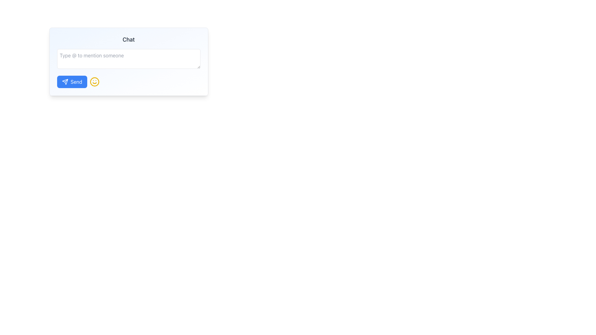 The height and width of the screenshot is (335, 596). I want to click on the Text Input Field at the top section of the chat interface by pressing the tab key, so click(128, 59).